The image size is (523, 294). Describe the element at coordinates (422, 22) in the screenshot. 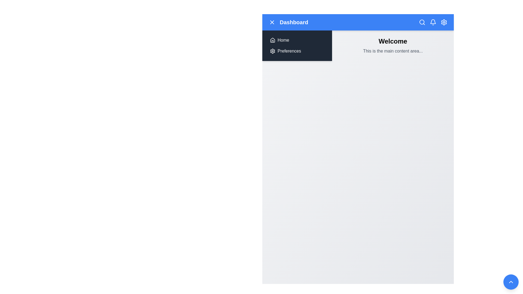

I see `styling of the small circular SVG icon located near the top-right corner of the application header` at that location.